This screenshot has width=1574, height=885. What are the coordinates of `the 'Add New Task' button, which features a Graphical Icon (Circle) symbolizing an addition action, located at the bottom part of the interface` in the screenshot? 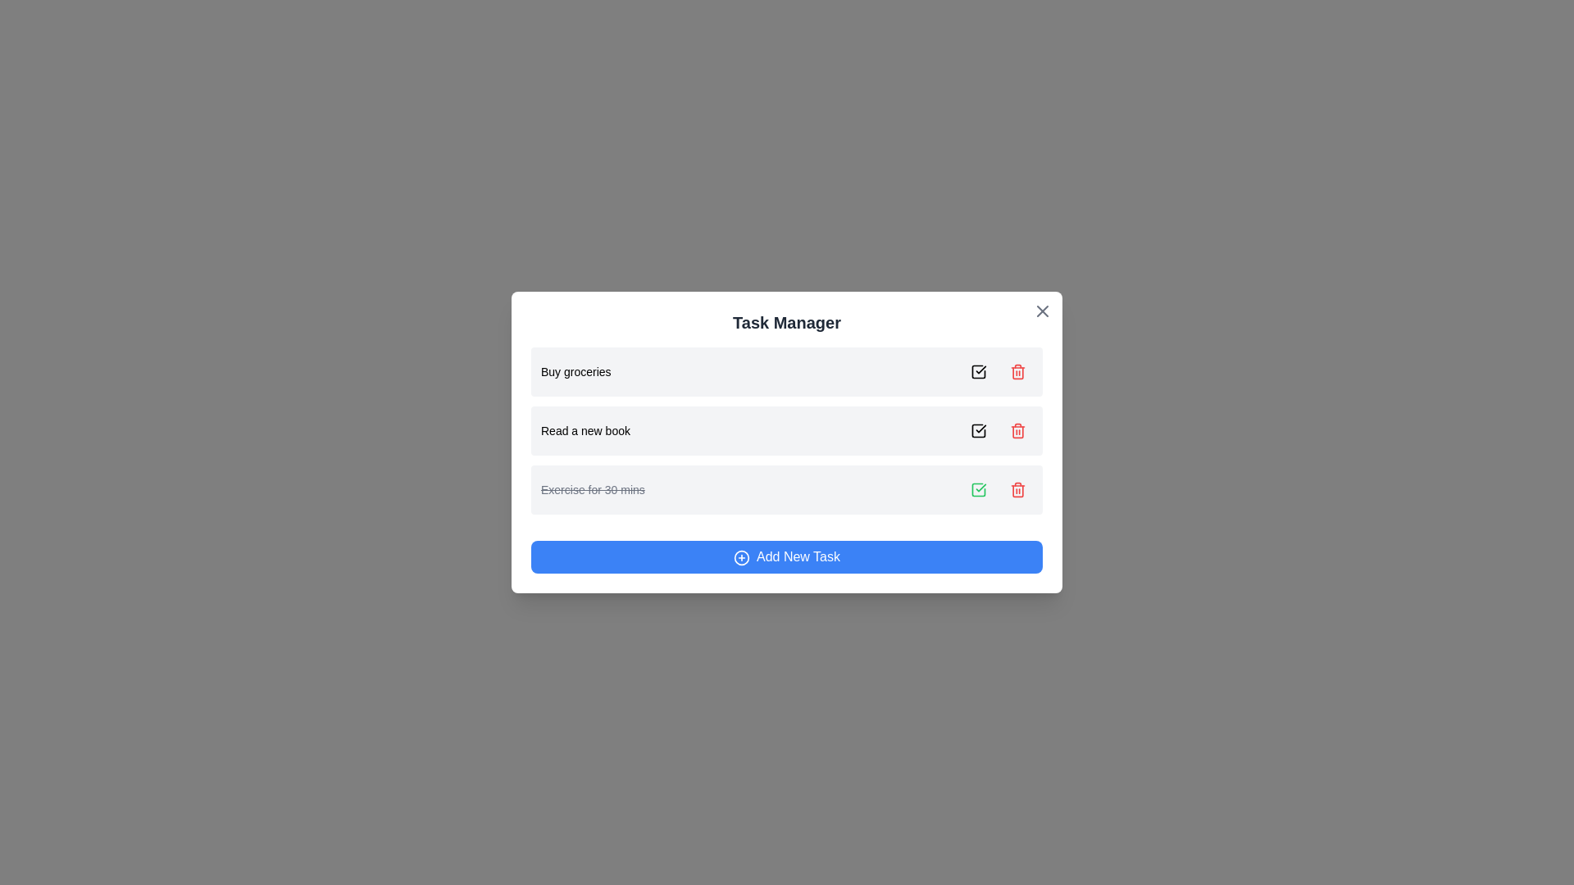 It's located at (741, 556).